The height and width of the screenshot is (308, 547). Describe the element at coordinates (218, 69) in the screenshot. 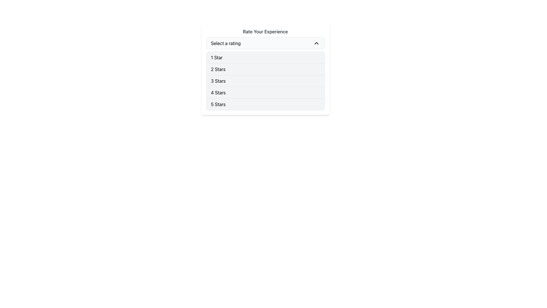

I see `the '2 Stars' rating selection option in the dropdown menu` at that location.